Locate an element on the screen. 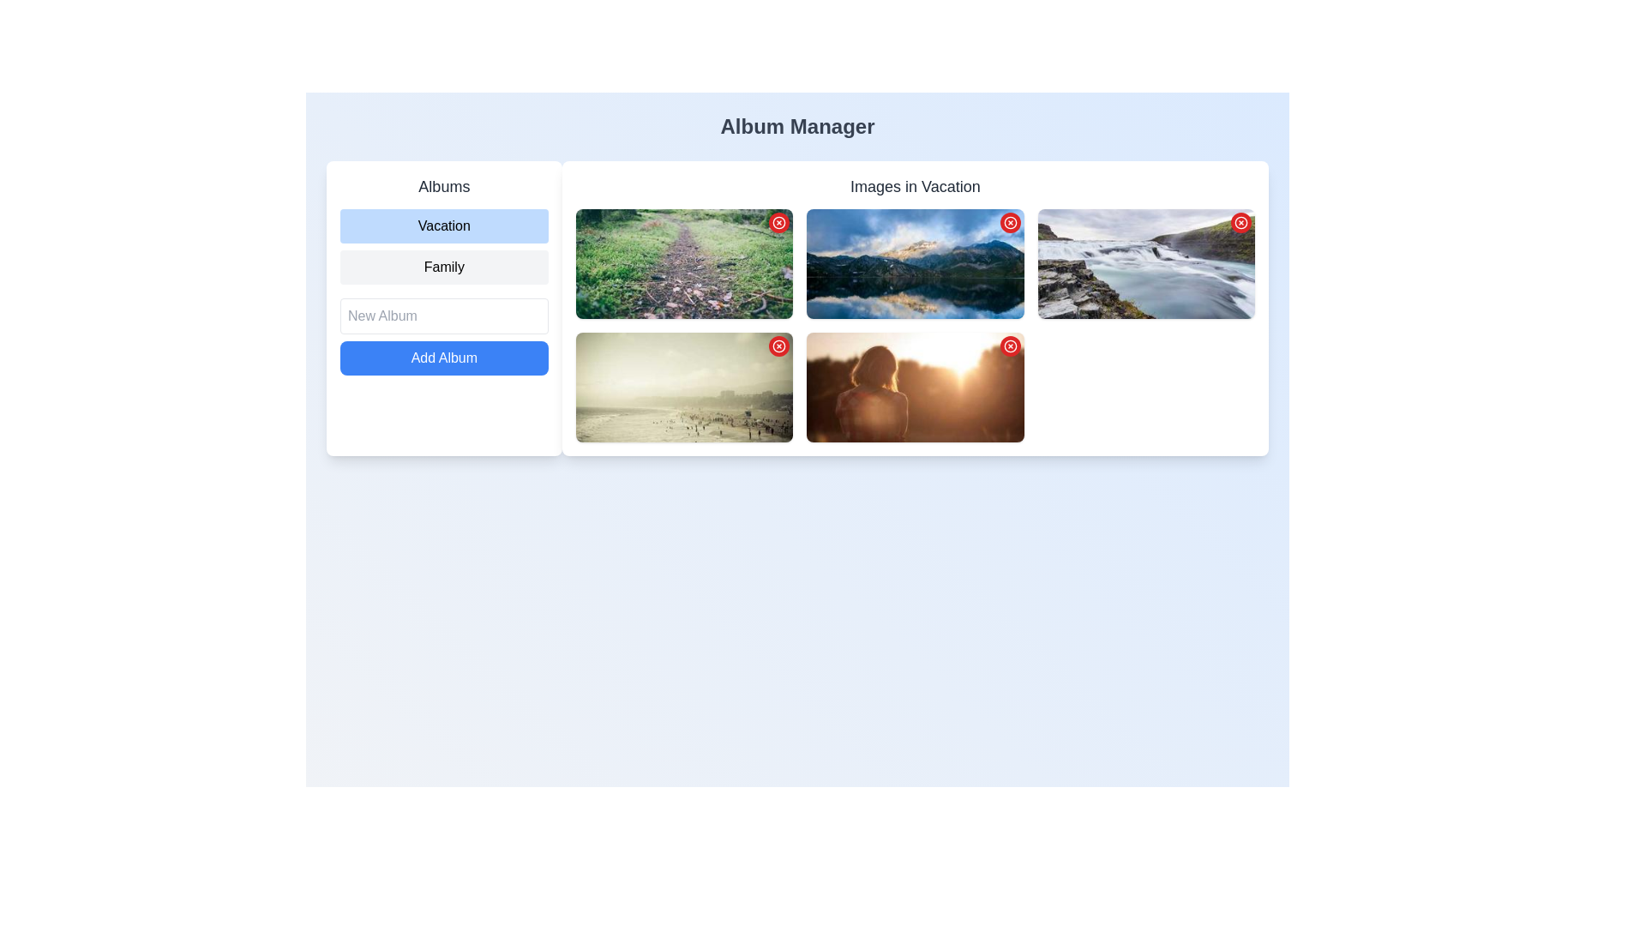  text content of the 'Album Manager' title, which is a bold and large text-based UI component centrally positioned at the top of the interface is located at coordinates (796, 125).